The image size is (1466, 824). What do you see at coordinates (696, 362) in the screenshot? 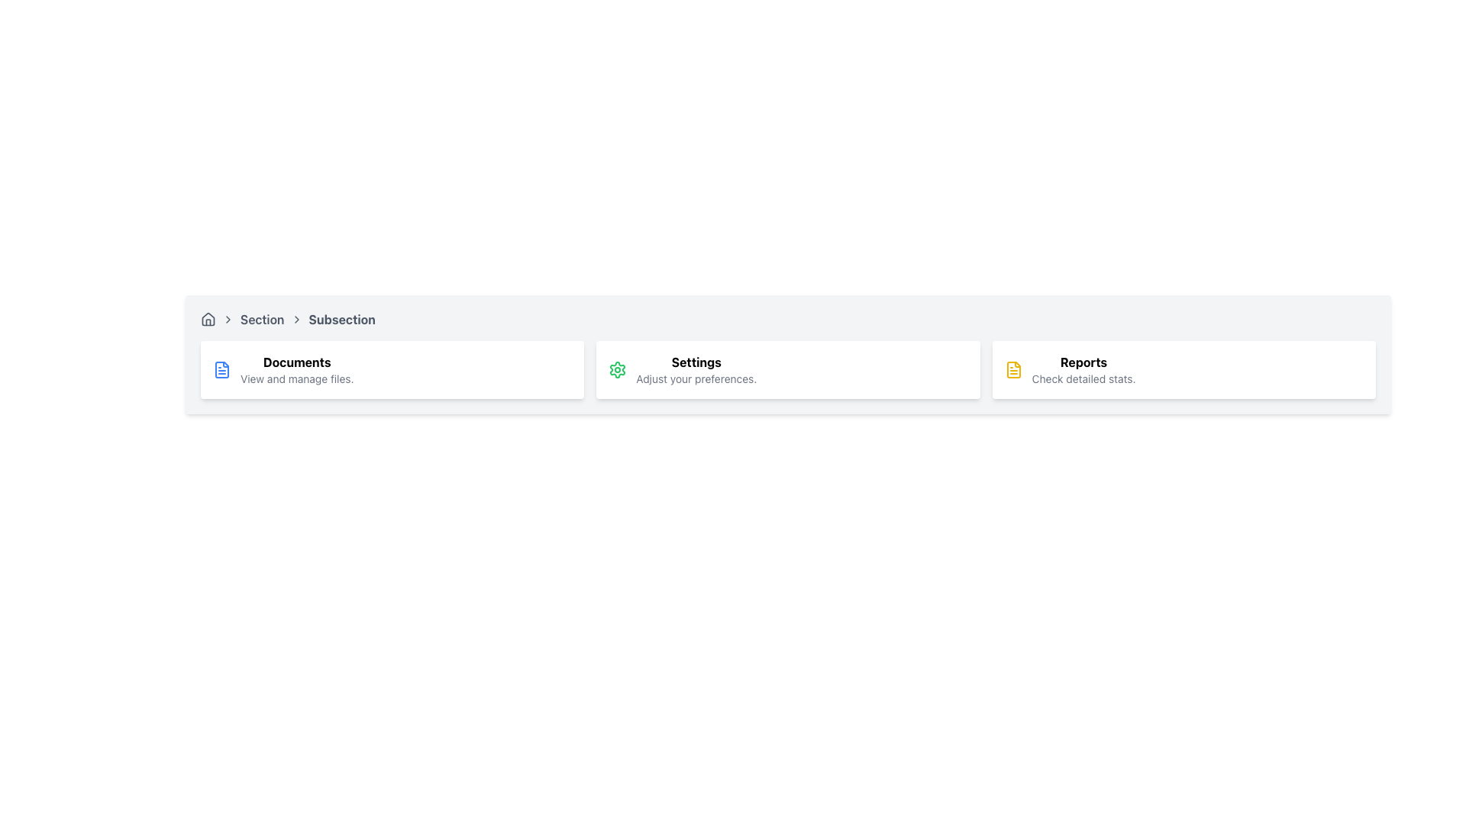
I see `bold text label displaying 'Settings' which is positioned above a descriptive text in the center option of three horizontally aligned sections` at bounding box center [696, 362].